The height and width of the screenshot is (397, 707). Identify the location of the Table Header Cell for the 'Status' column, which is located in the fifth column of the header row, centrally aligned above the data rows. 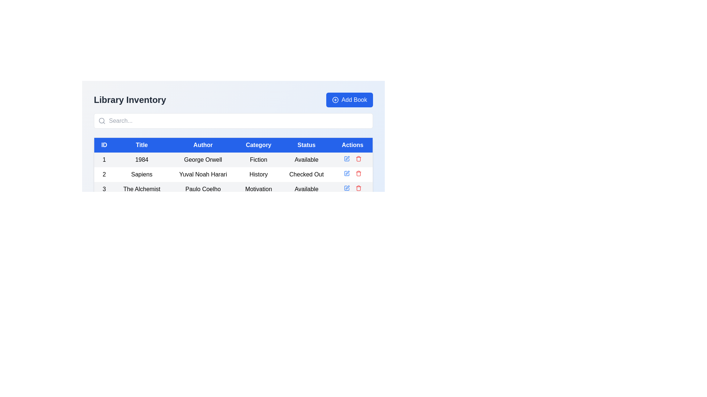
(306, 145).